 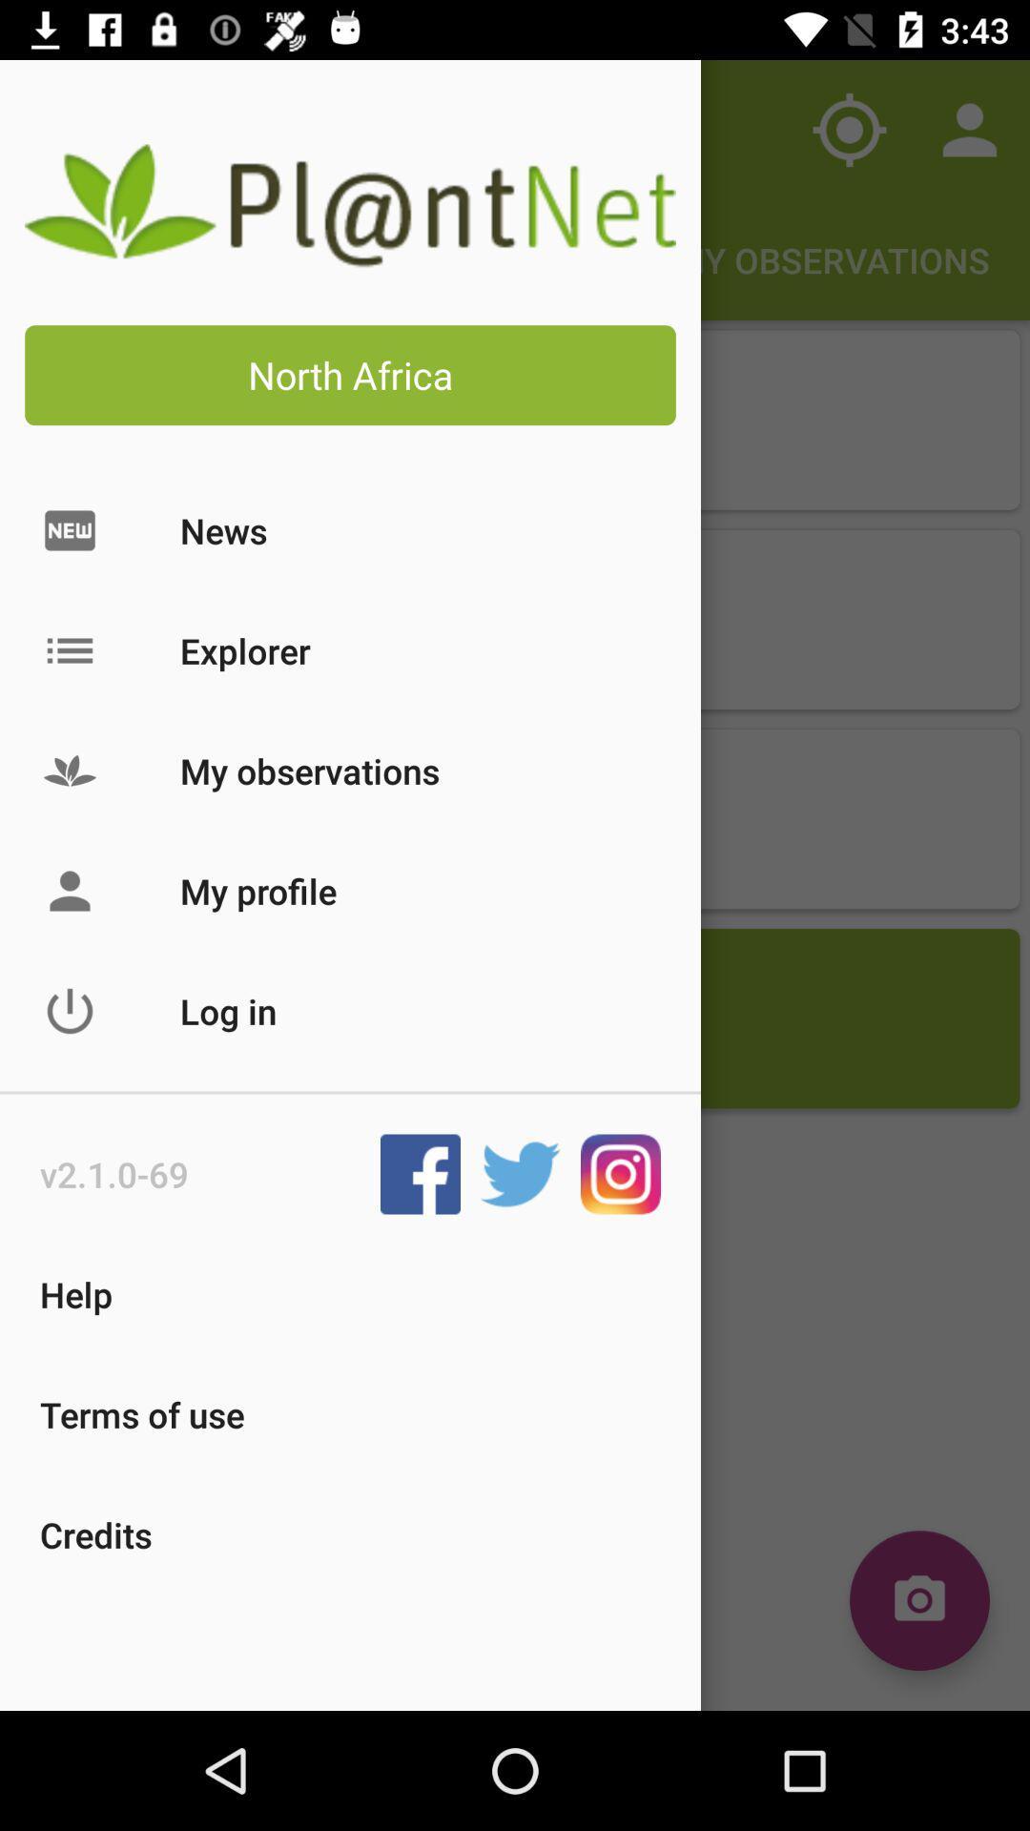 What do you see at coordinates (918, 1600) in the screenshot?
I see `the photo icon` at bounding box center [918, 1600].